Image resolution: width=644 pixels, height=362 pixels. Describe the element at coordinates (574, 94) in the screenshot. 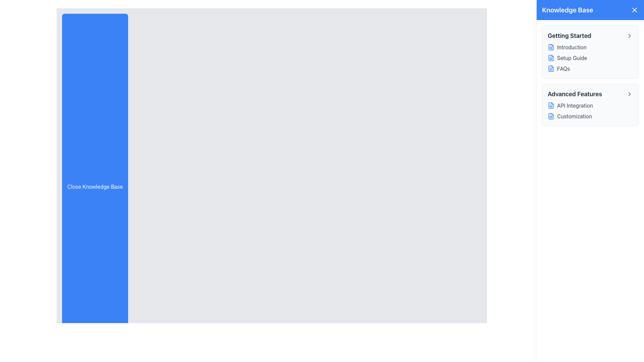

I see `the 'Advanced Features' text label, which is prominently styled in bold dark gray font within the 'Knowledge Base' section under 'Getting Started'` at that location.